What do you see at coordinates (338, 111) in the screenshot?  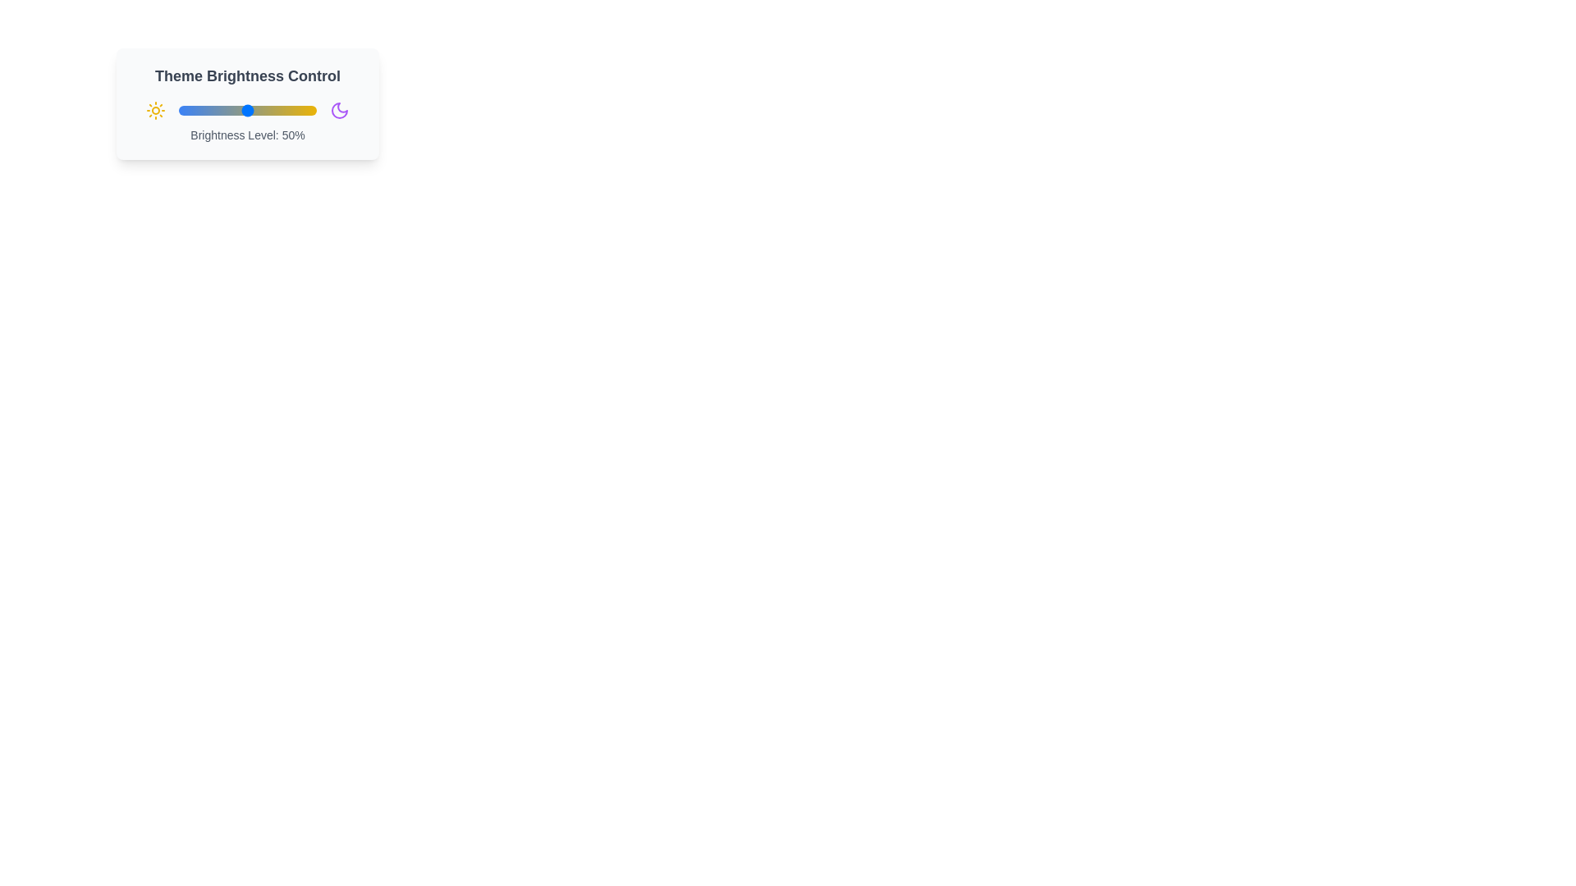 I see `the moon icon to interact with the slider` at bounding box center [338, 111].